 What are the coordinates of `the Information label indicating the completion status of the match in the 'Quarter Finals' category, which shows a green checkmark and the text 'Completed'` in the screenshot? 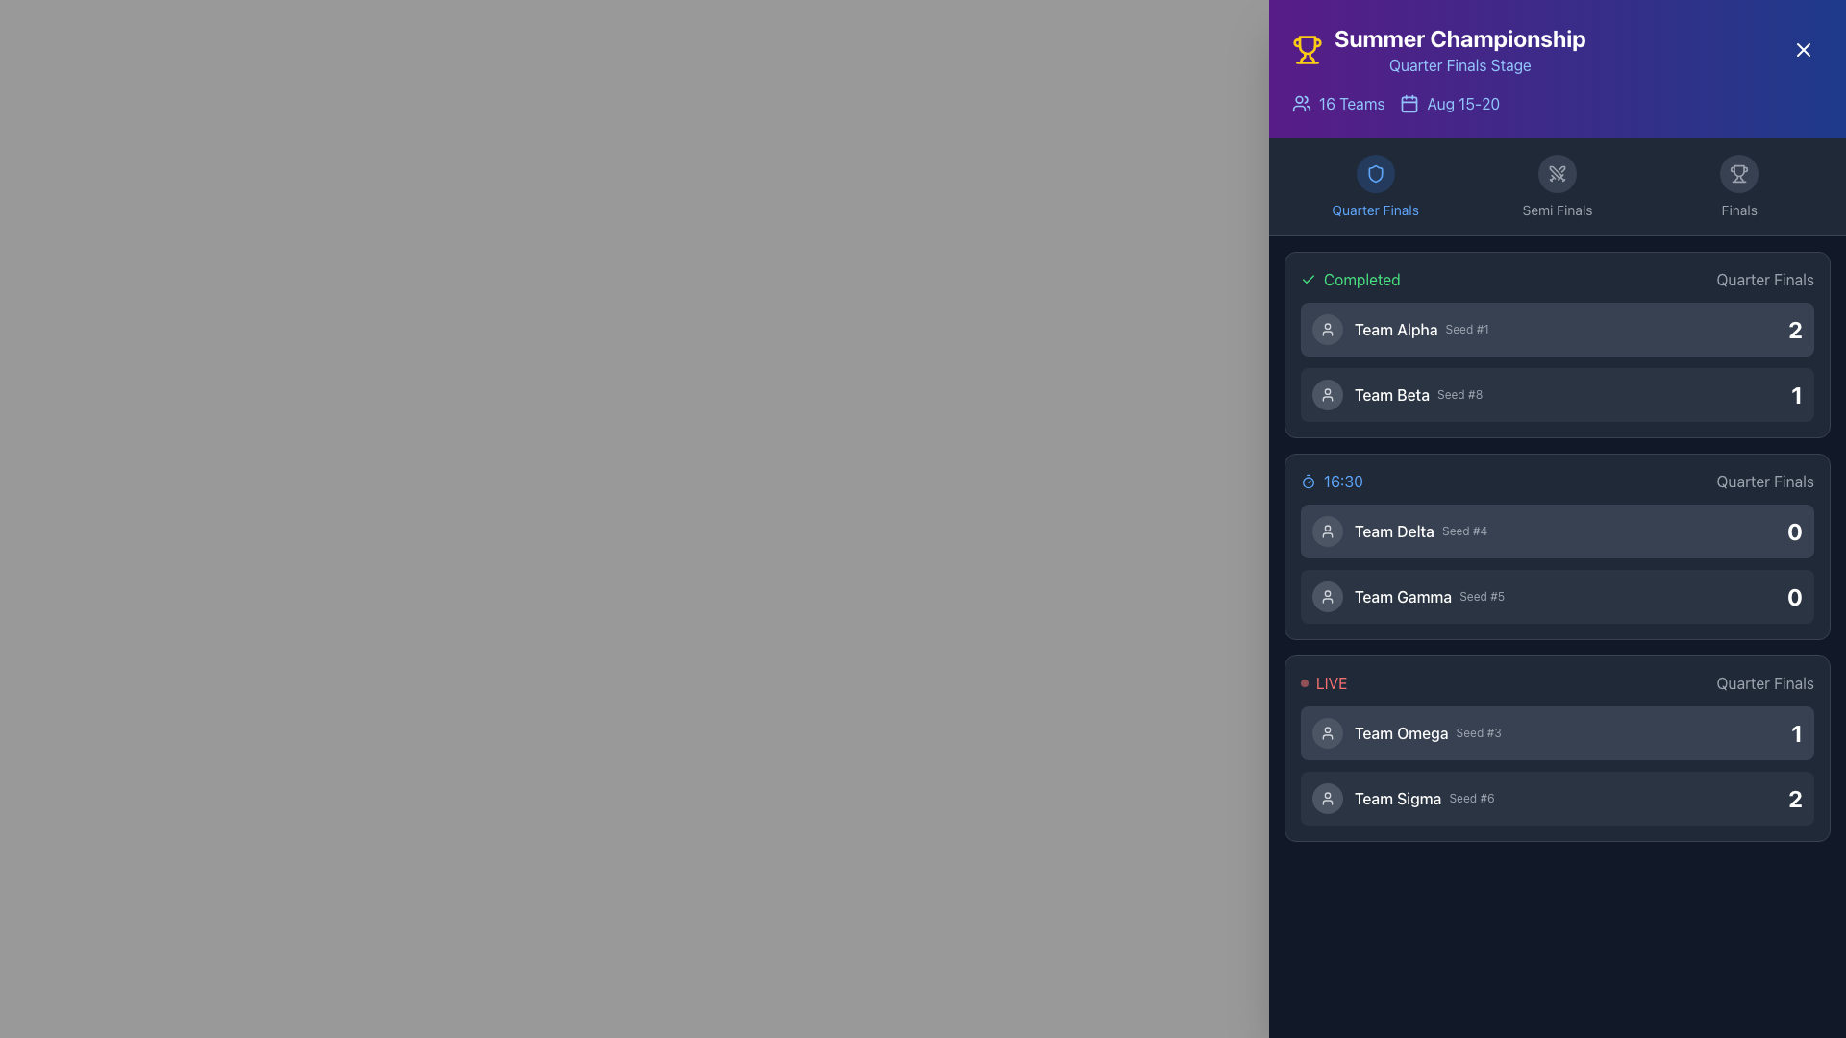 It's located at (1558, 279).